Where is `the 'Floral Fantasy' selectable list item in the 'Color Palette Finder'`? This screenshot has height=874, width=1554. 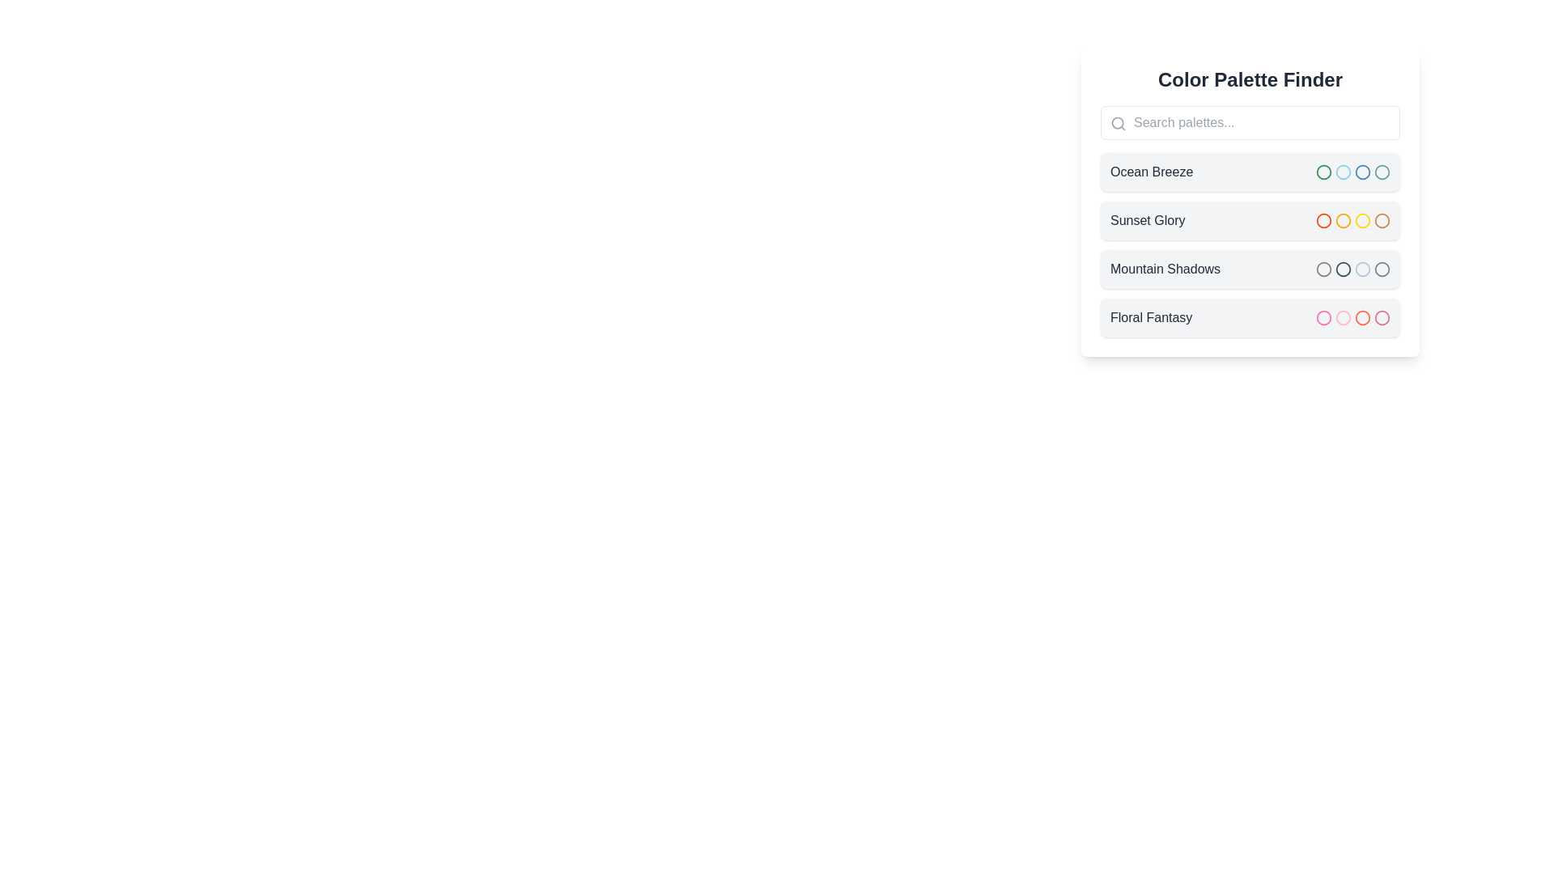
the 'Floral Fantasy' selectable list item in the 'Color Palette Finder' is located at coordinates (1250, 318).